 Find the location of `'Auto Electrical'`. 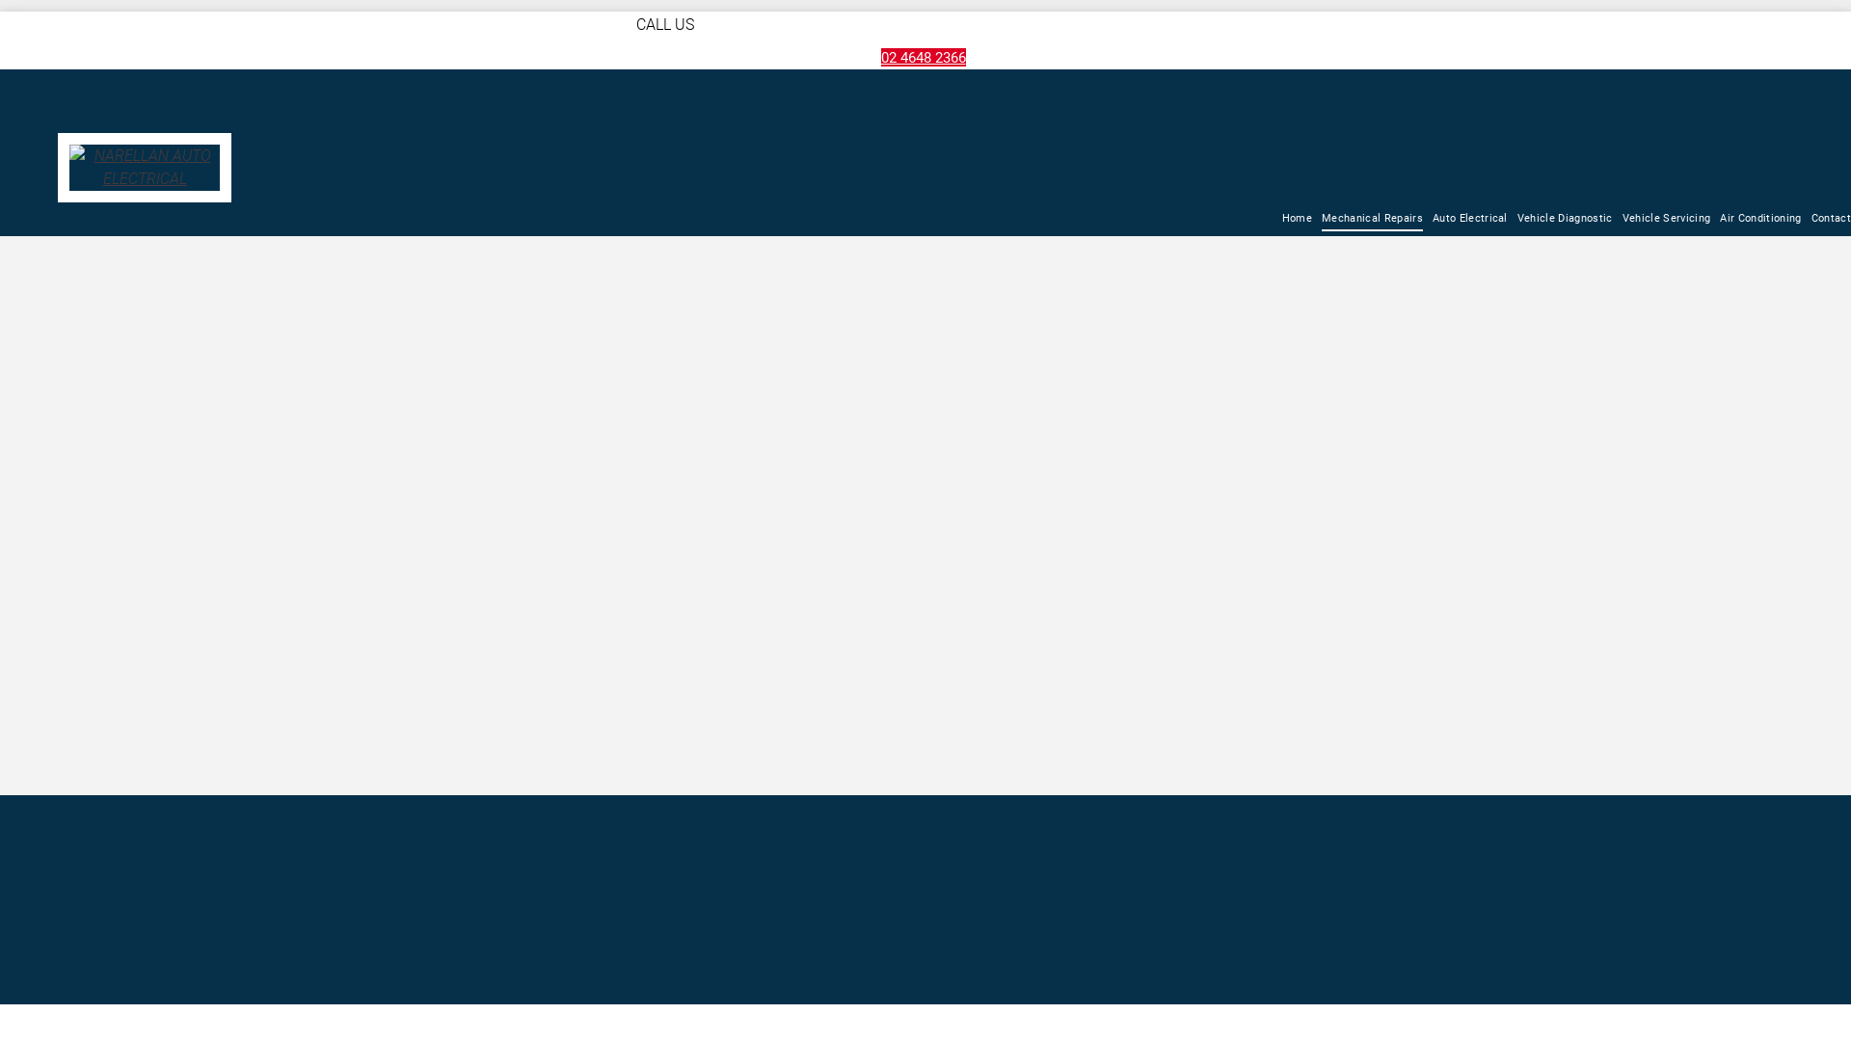

'Auto Electrical' is located at coordinates (1469, 218).